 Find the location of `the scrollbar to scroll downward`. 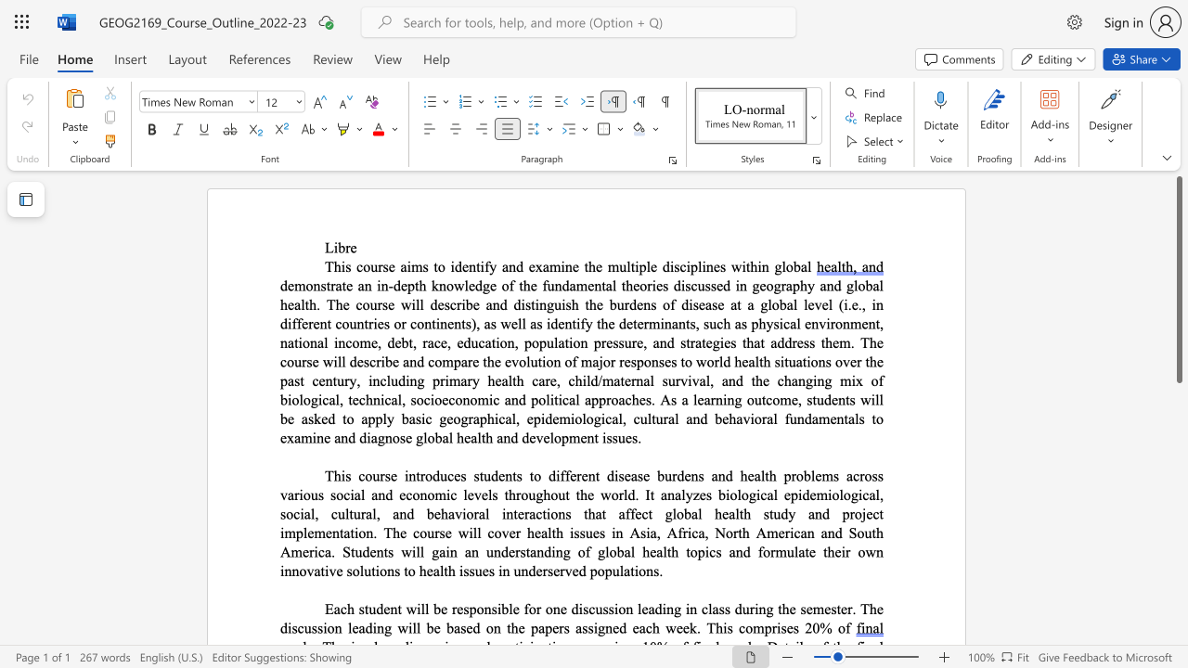

the scrollbar to scroll downward is located at coordinates (1178, 427).